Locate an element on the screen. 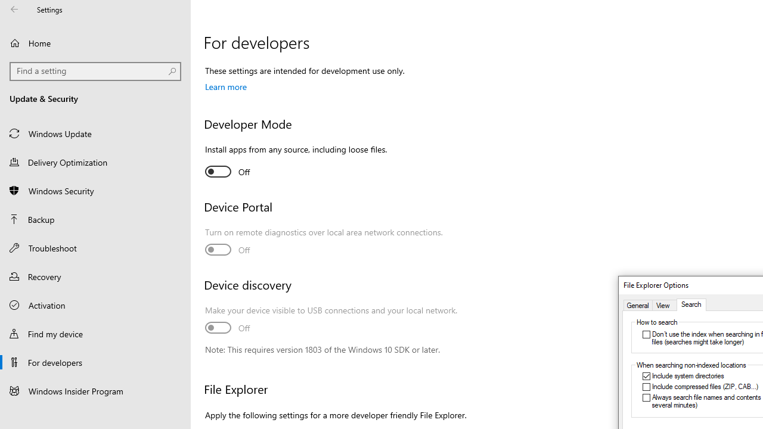  'Search' is located at coordinates (691, 304).